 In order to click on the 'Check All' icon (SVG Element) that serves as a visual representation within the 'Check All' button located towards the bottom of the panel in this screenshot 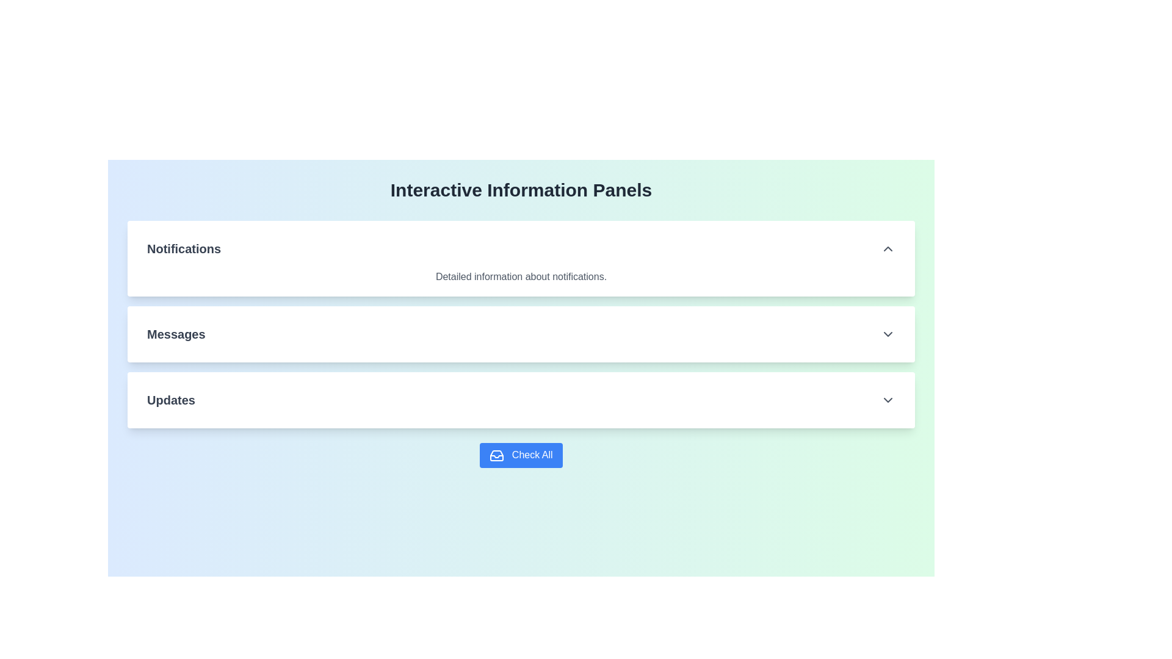, I will do `click(497, 455)`.